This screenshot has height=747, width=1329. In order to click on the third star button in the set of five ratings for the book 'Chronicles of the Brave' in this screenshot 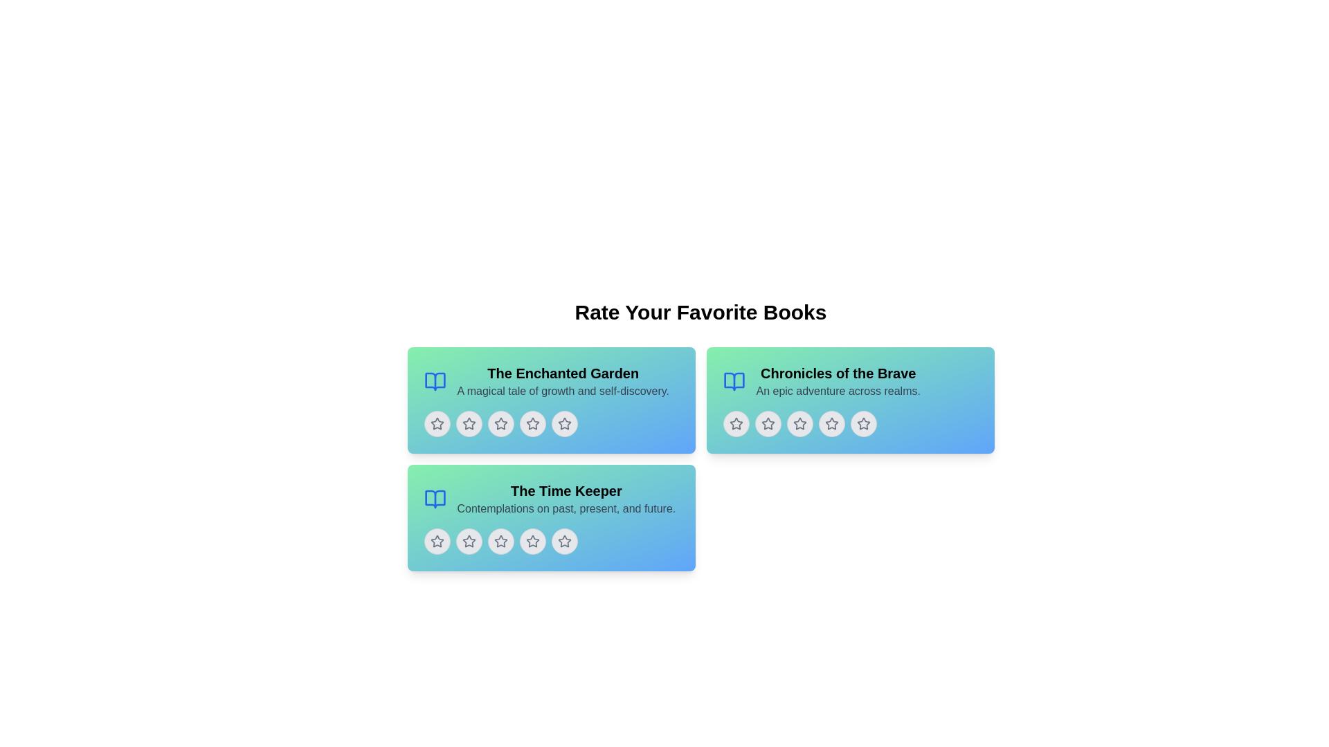, I will do `click(799, 423)`.